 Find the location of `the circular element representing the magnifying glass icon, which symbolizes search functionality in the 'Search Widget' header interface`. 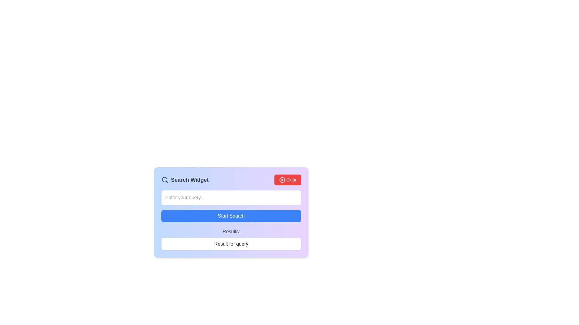

the circular element representing the magnifying glass icon, which symbolizes search functionality in the 'Search Widget' header interface is located at coordinates (165, 179).